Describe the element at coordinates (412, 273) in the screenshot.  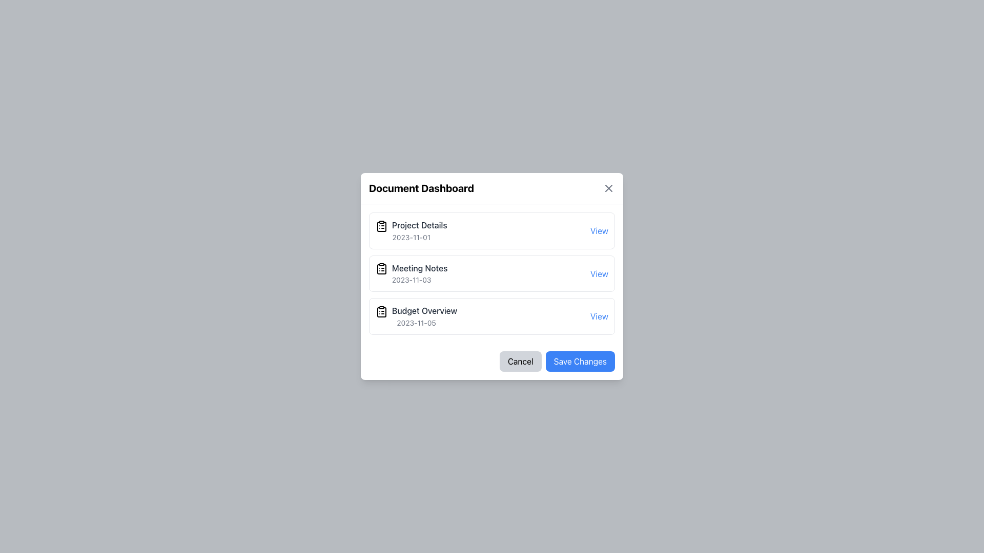
I see `the Text Block displaying 'Meeting Notes' and '2023-11-03', which is the second item in the list, positioned centrally in the dialog box` at that location.